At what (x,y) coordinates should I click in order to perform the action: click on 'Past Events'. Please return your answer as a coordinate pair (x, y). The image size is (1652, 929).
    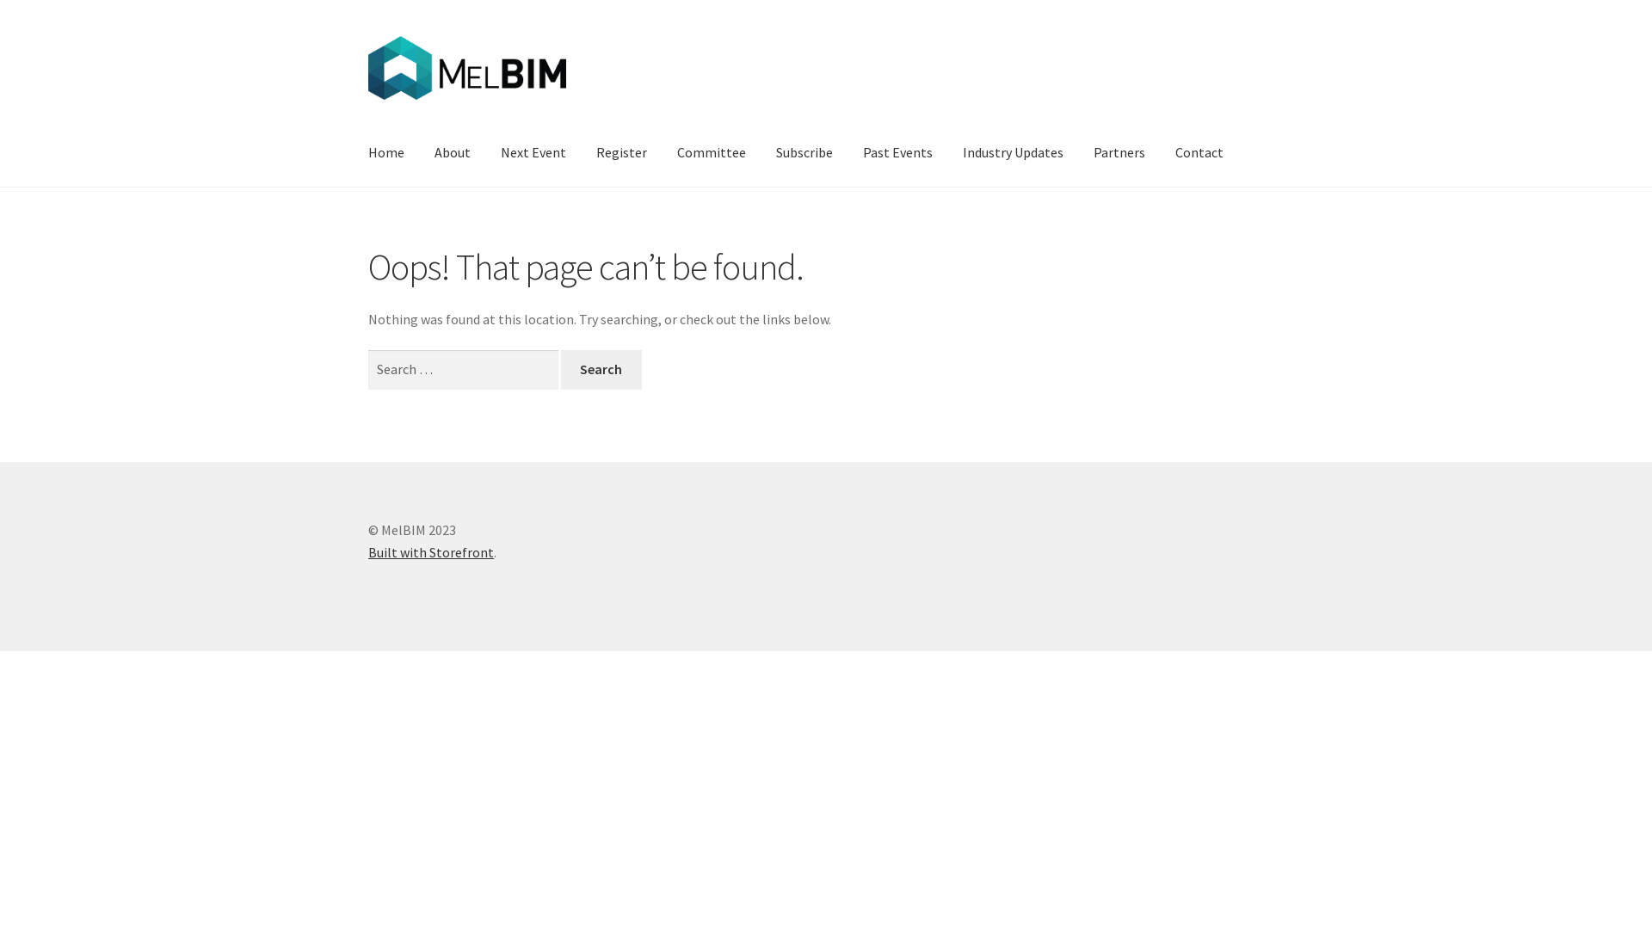
    Looking at the image, I should click on (897, 151).